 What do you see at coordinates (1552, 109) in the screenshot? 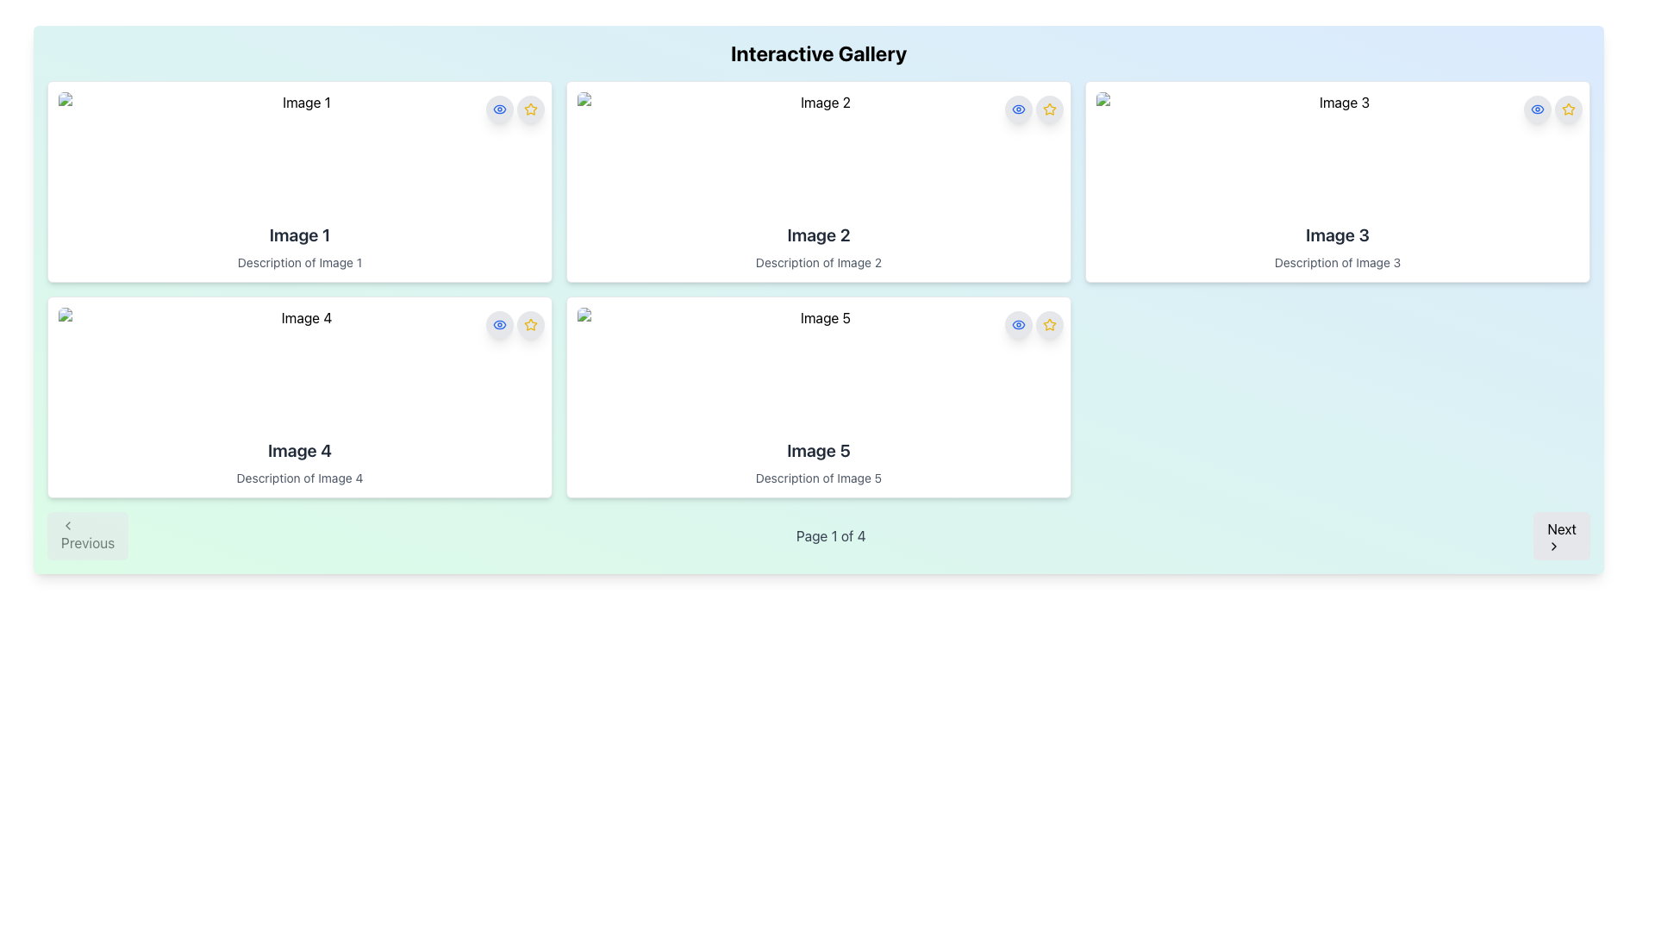
I see `the star icon in the top-right corner of the card for 'Image 3' to favorite the item` at bounding box center [1552, 109].